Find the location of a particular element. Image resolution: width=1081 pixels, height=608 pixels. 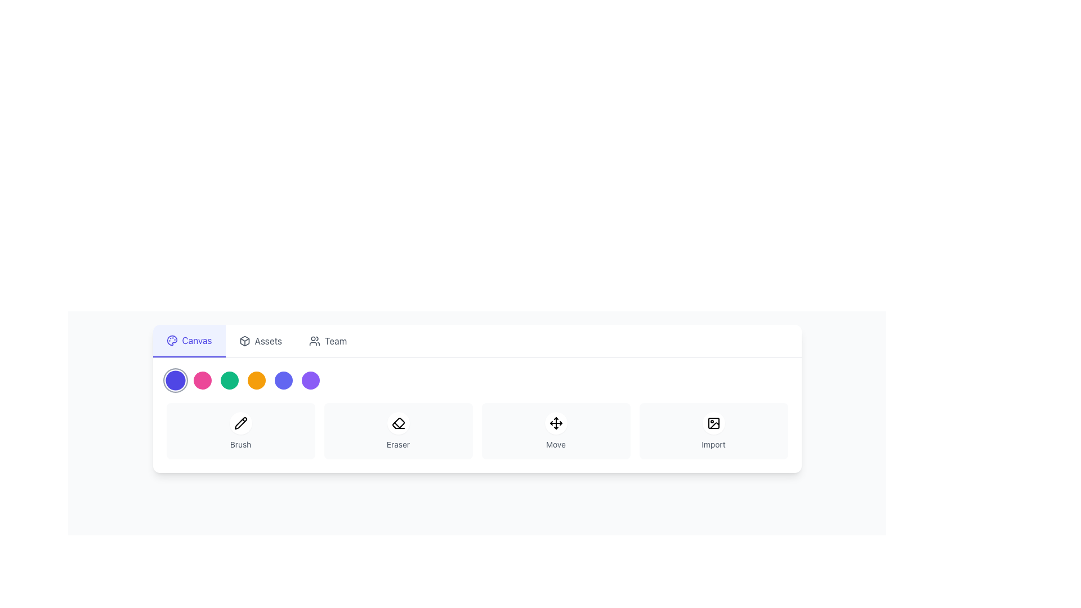

the minimalistic group of people icon in the navigation bar, located to the left of the 'Team' tab is located at coordinates (315, 340).